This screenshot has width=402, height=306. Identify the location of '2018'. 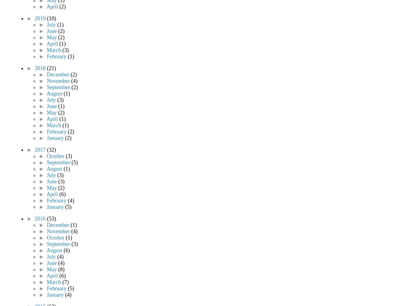
(40, 68).